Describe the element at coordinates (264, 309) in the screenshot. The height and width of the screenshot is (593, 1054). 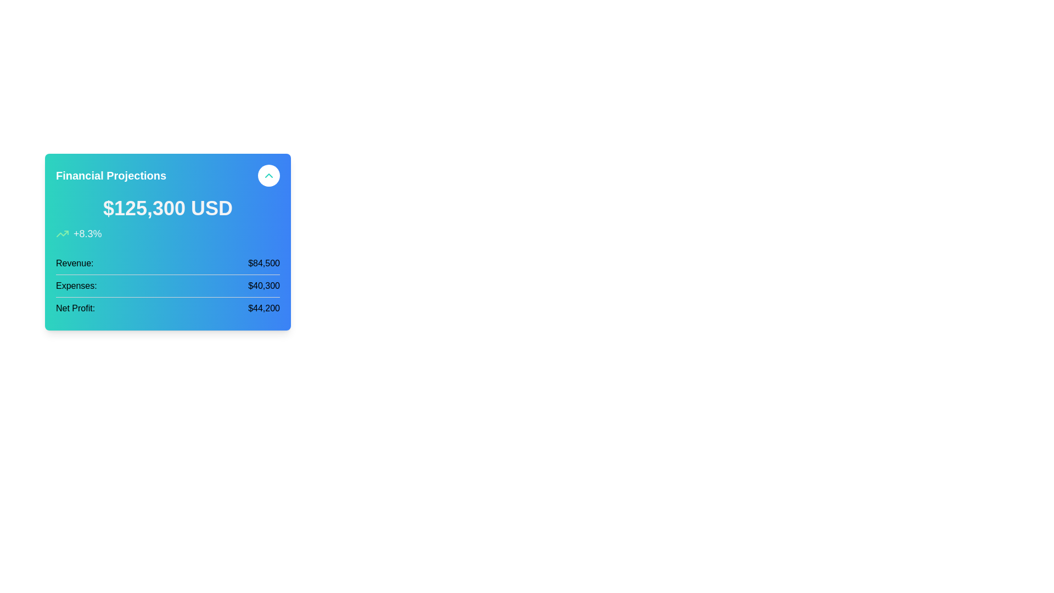
I see `the text label displaying '$44,200' in a bold, black font within the financial summary card` at that location.